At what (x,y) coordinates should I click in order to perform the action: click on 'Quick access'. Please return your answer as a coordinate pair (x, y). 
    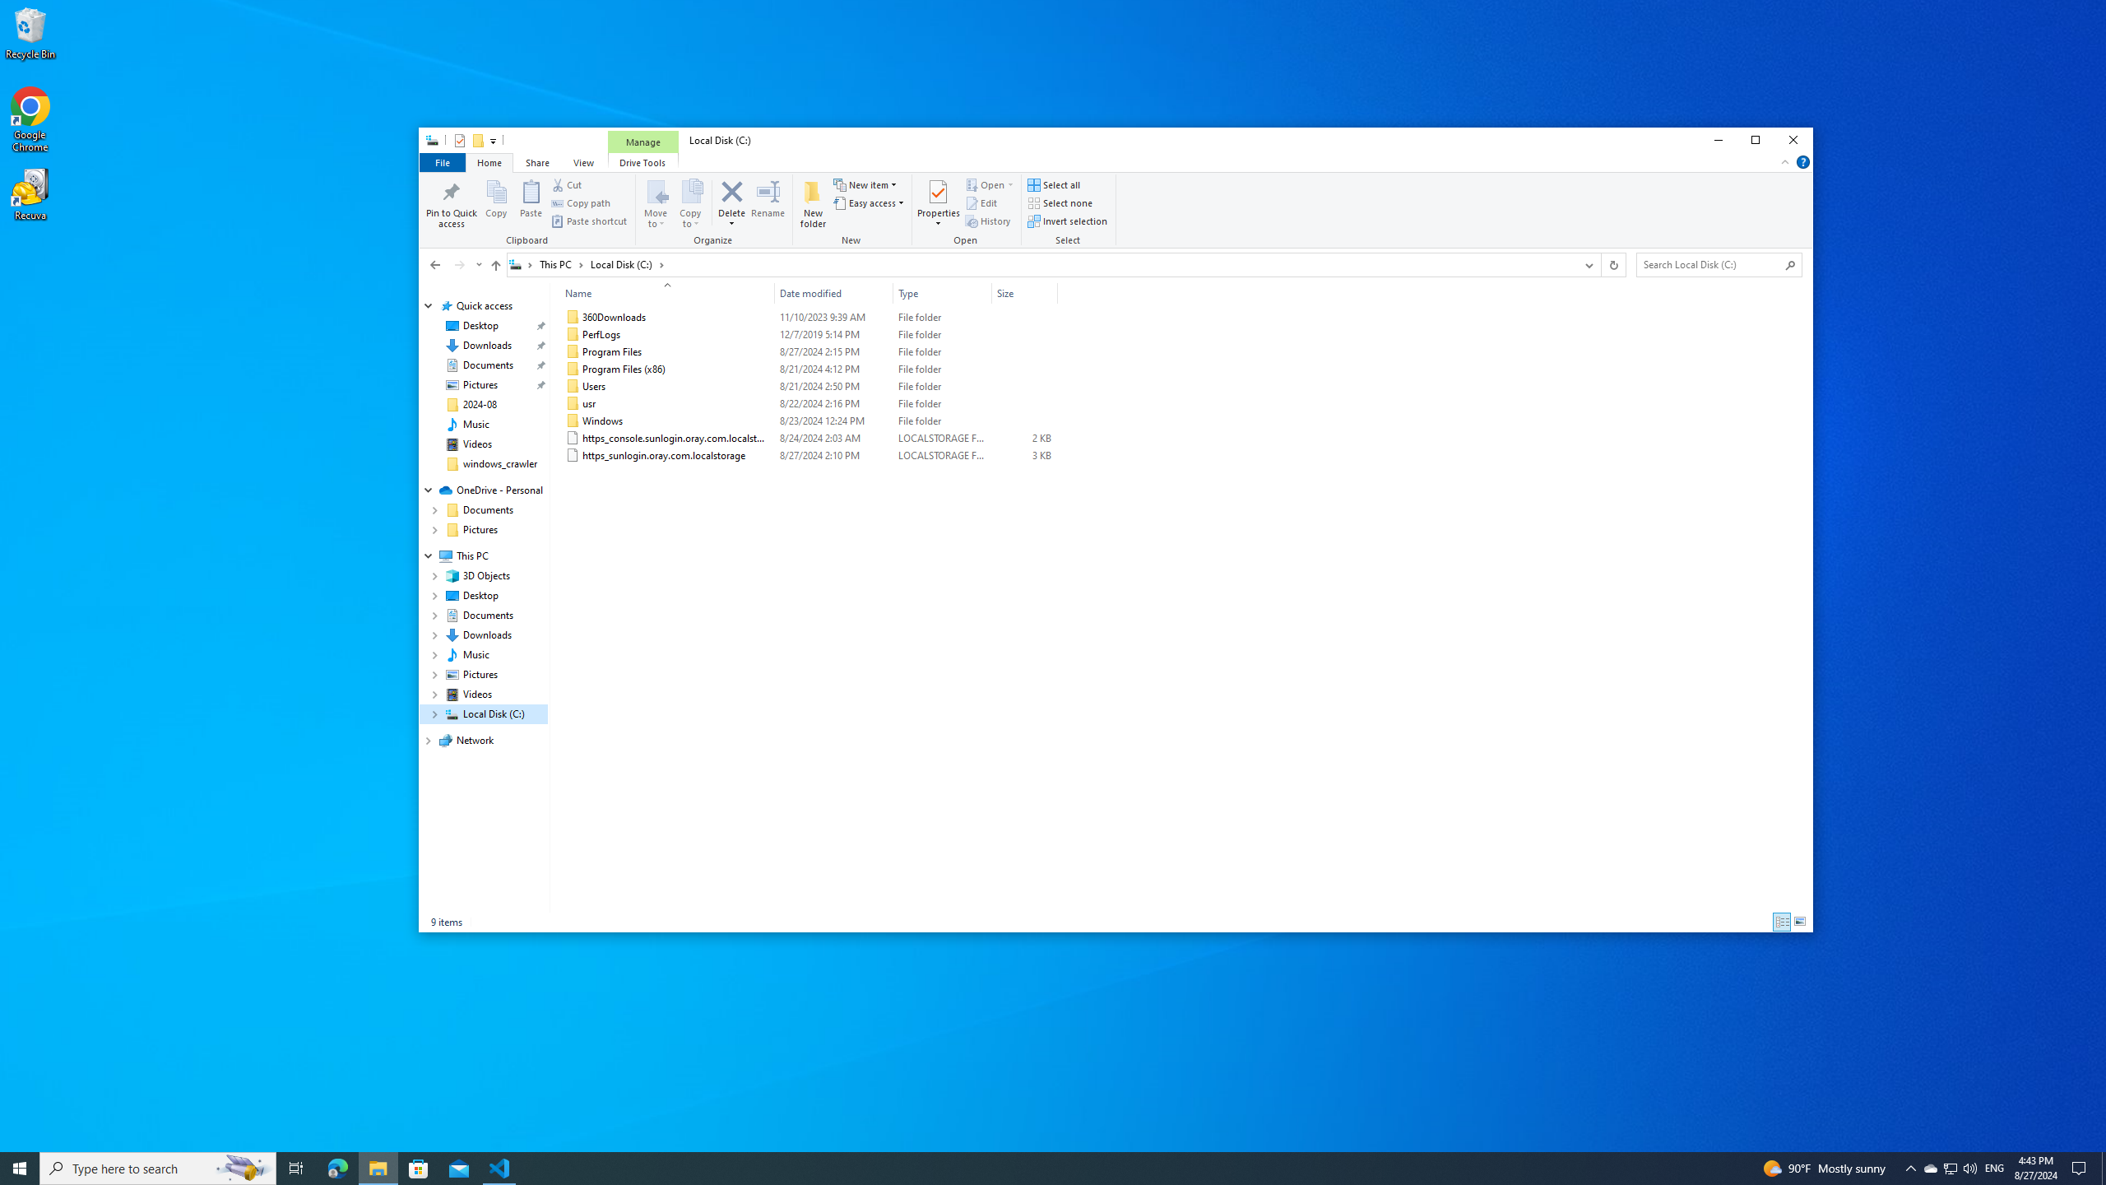
    Looking at the image, I should click on (483, 305).